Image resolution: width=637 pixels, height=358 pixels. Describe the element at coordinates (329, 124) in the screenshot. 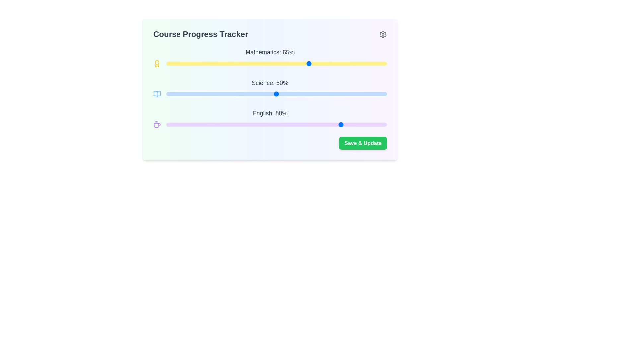

I see `the English progress` at that location.